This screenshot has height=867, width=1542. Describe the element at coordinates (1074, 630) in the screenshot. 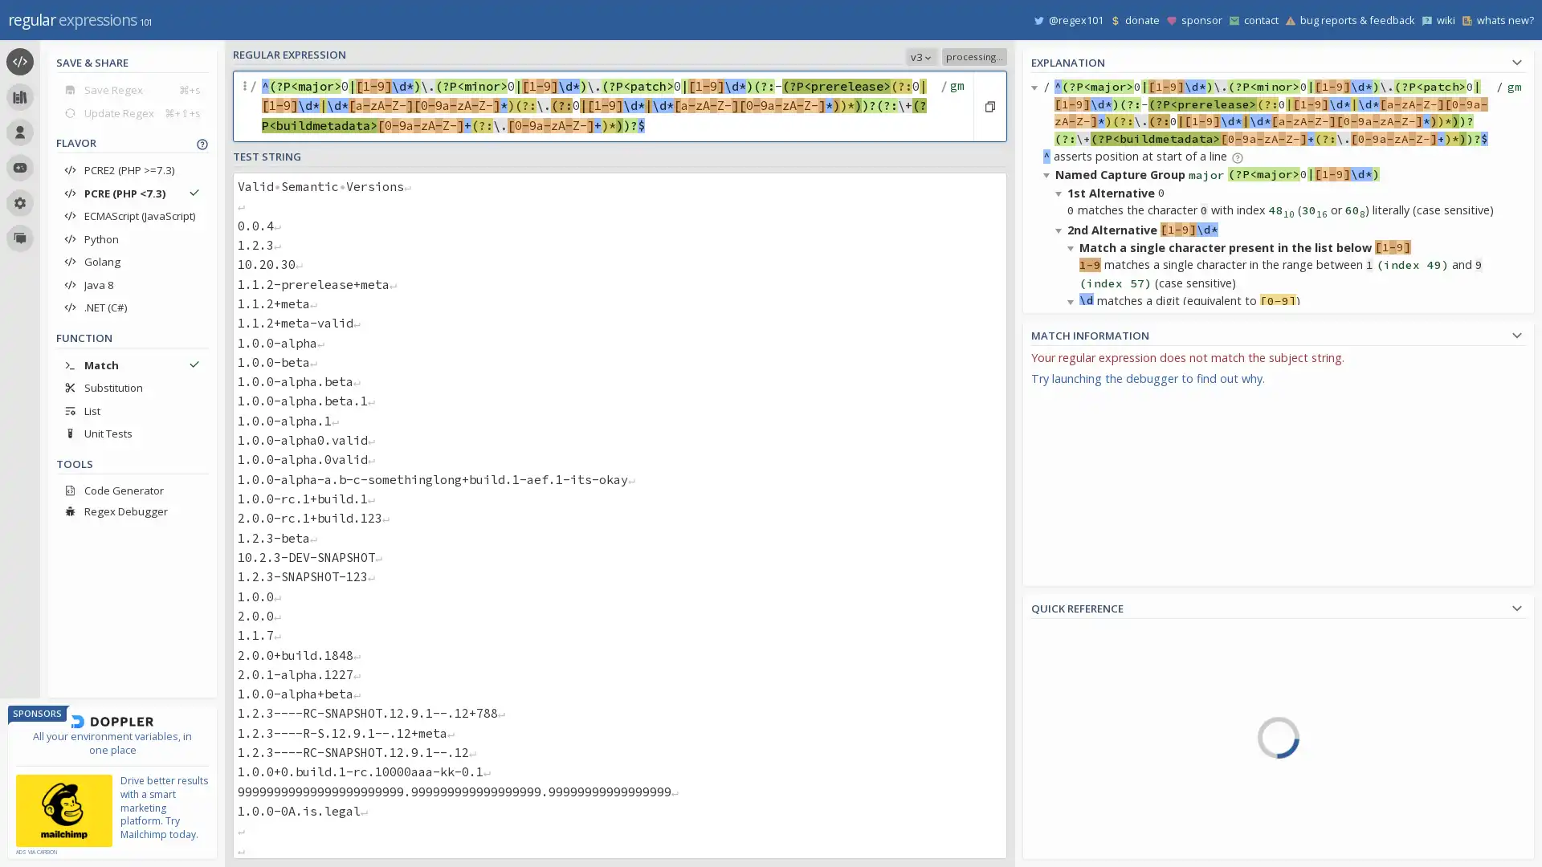

I see `Match 3` at that location.